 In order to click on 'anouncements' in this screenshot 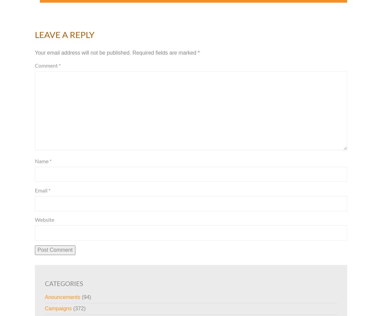, I will do `click(62, 297)`.